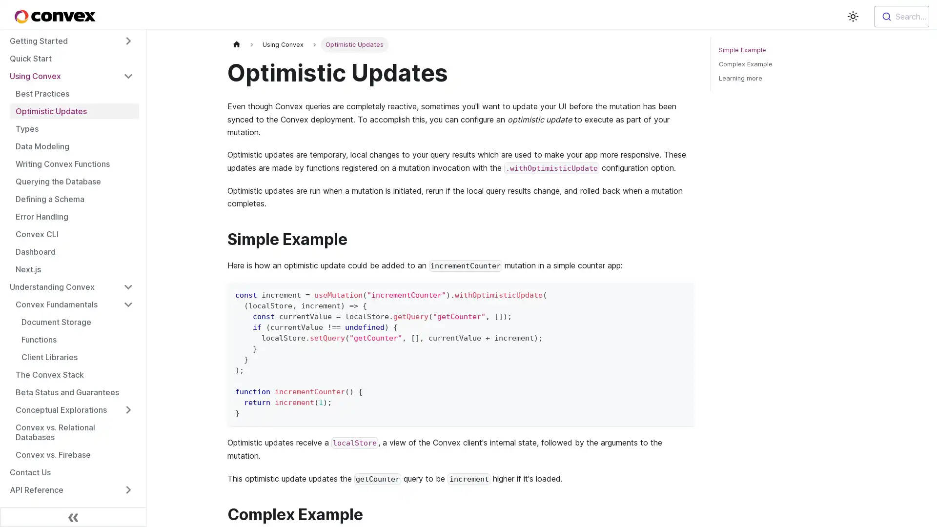 The image size is (937, 527). I want to click on Toggle the collapsible sidebar category 'Conceptual Explorations', so click(128, 410).